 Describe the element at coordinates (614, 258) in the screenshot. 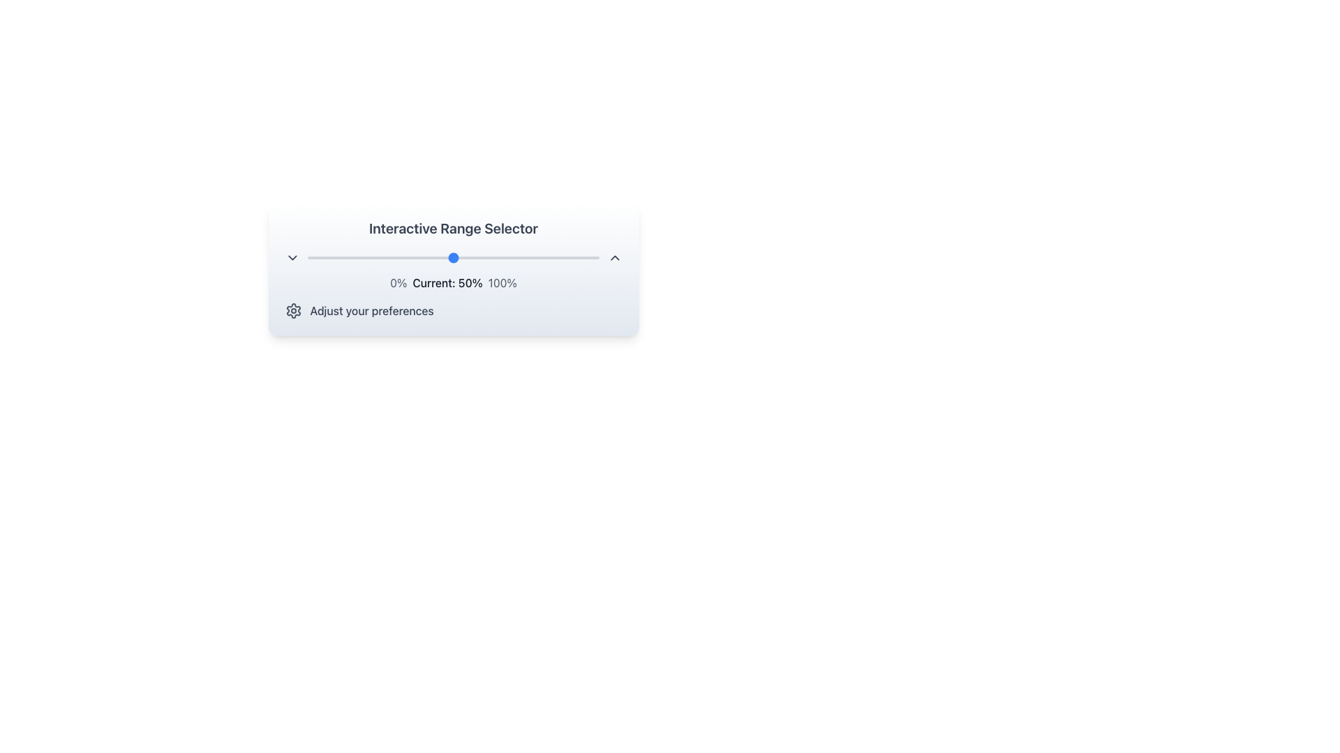

I see `the upward-facing chevron arrow icon on the far right of the range selector UI to increment the associated range value` at that location.